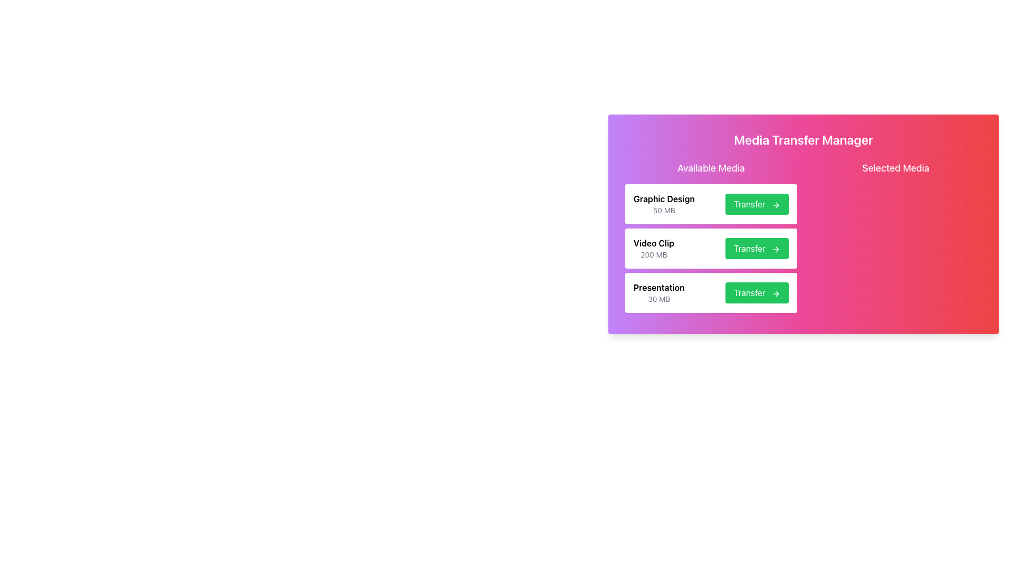 The width and height of the screenshot is (1013, 570). I want to click on the small right-arrow icon located on the right edge of the green 'Transfer' button for the first item under the 'Available Media' section to initiate a transfer, so click(776, 205).